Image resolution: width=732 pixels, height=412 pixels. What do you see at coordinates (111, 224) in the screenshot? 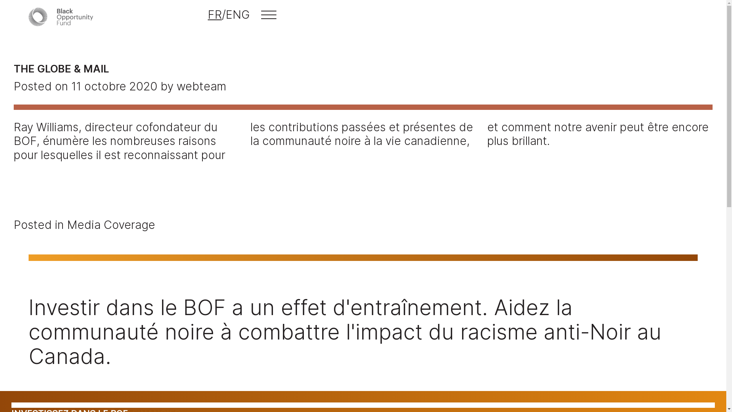
I see `'Media Coverage'` at bounding box center [111, 224].